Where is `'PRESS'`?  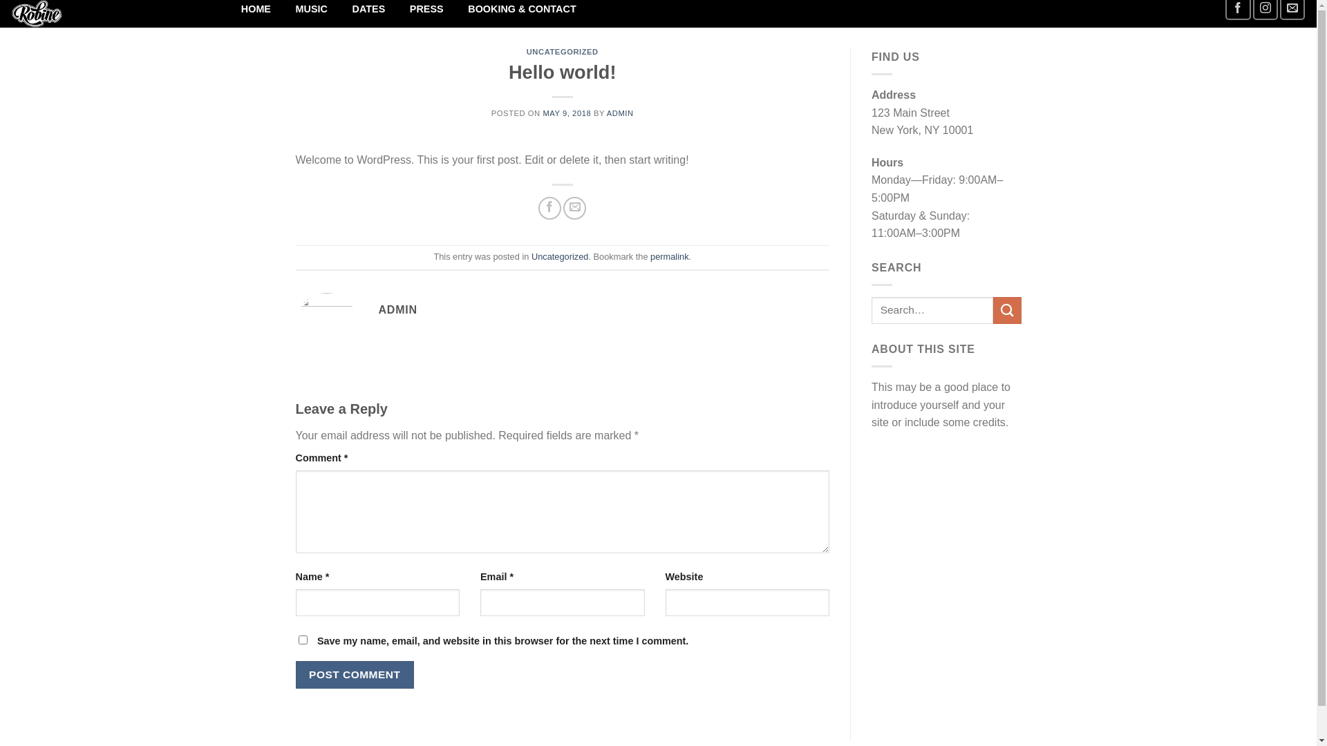 'PRESS' is located at coordinates (426, 9).